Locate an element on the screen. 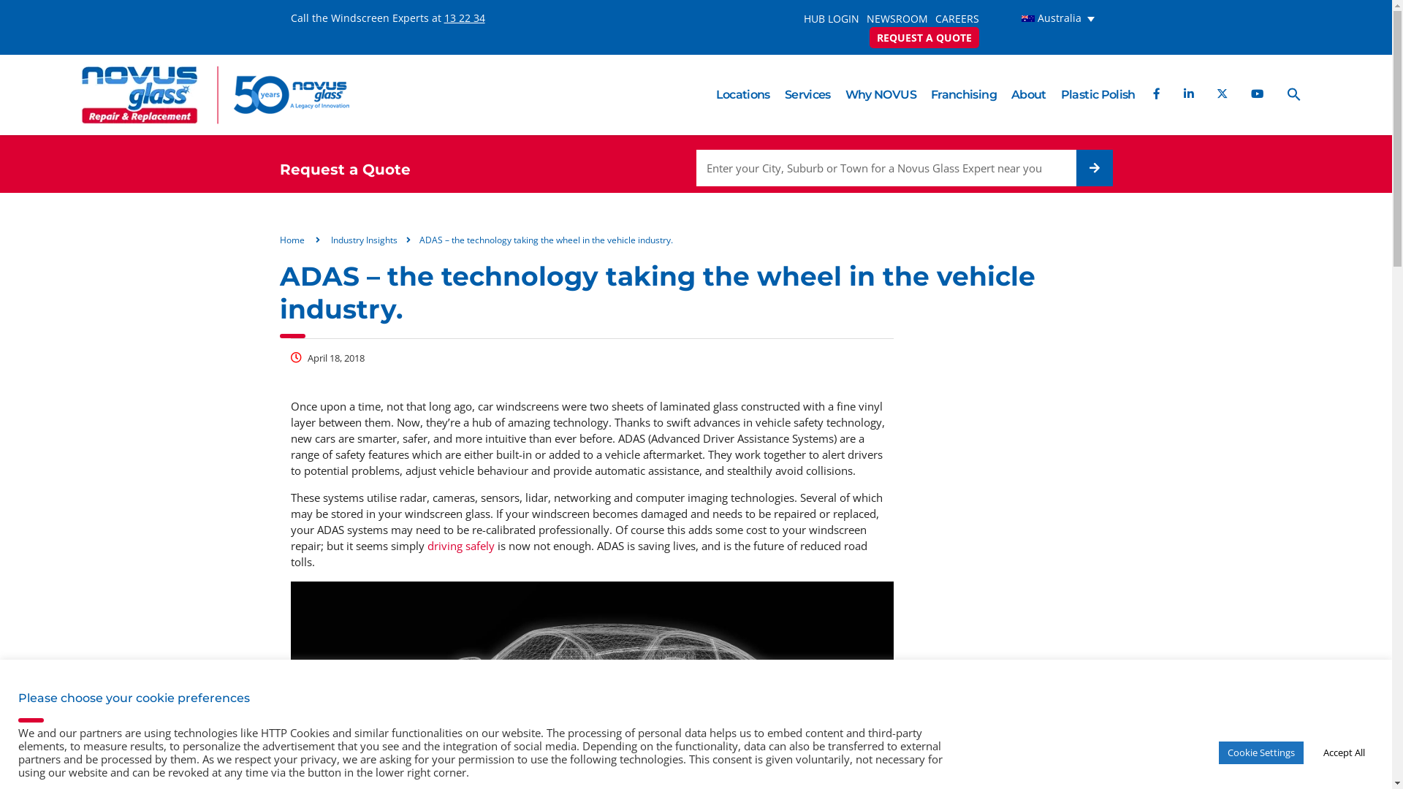  'About' is located at coordinates (1027, 95).